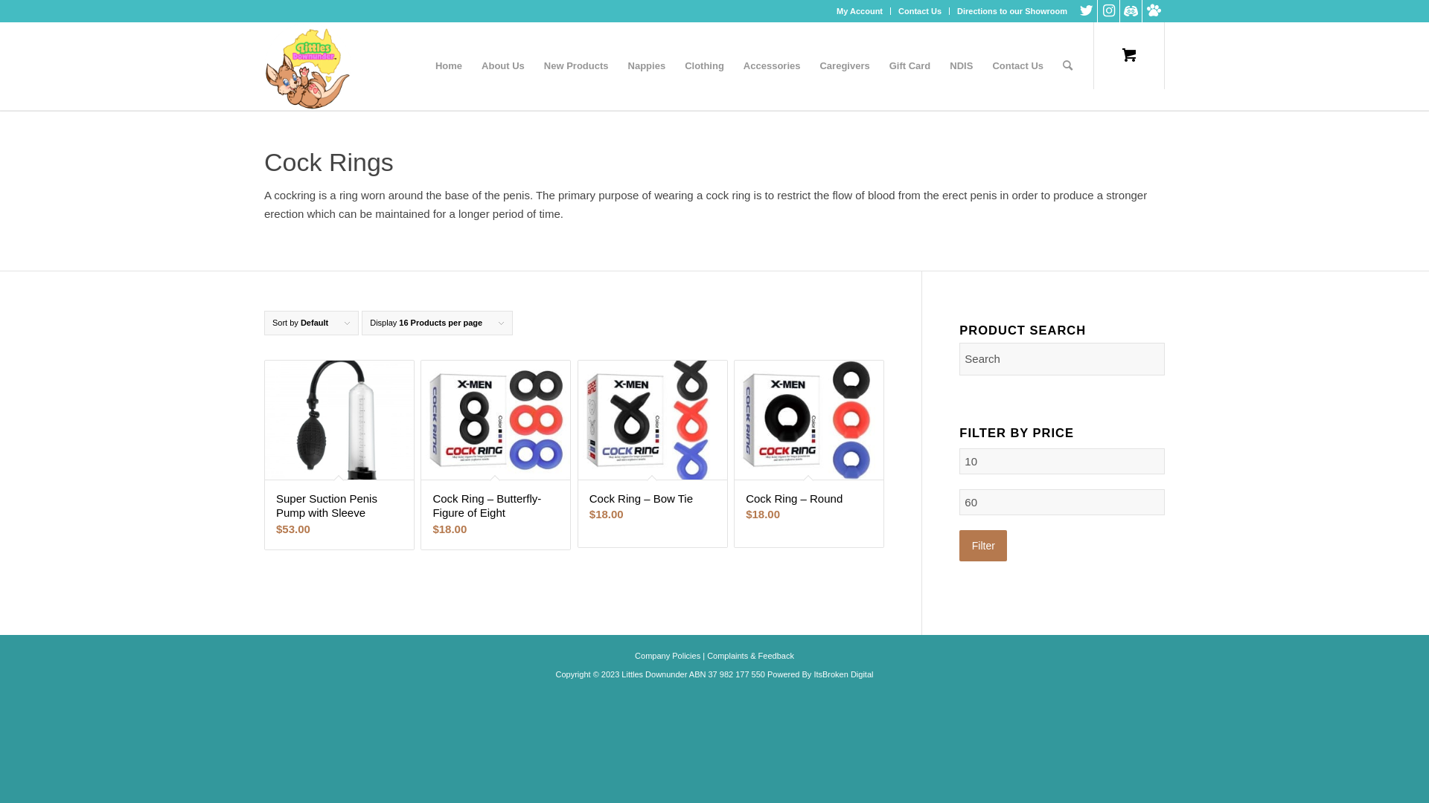 Image resolution: width=1429 pixels, height=803 pixels. I want to click on 'Home', so click(448, 65).